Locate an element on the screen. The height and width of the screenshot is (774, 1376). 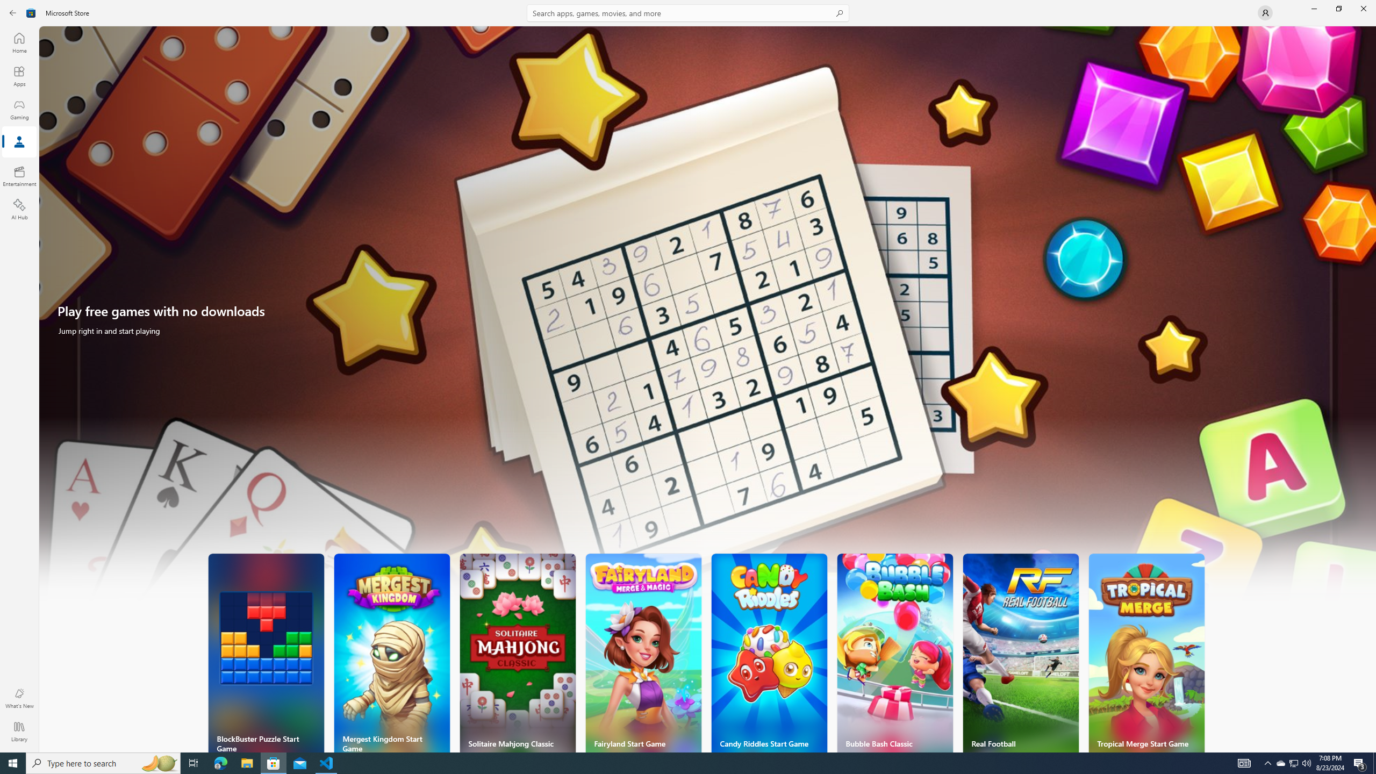
'Apps' is located at coordinates (18, 76).